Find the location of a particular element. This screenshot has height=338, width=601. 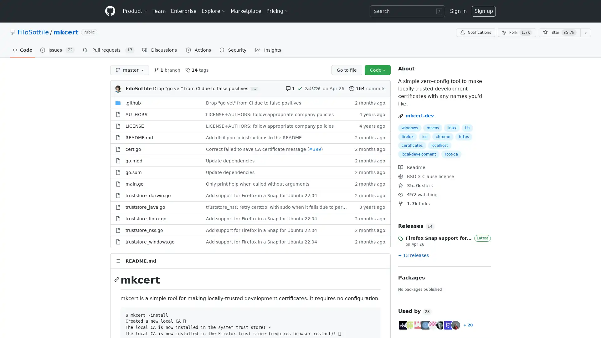

You must be signed in to add this repository to a list is located at coordinates (585, 33).